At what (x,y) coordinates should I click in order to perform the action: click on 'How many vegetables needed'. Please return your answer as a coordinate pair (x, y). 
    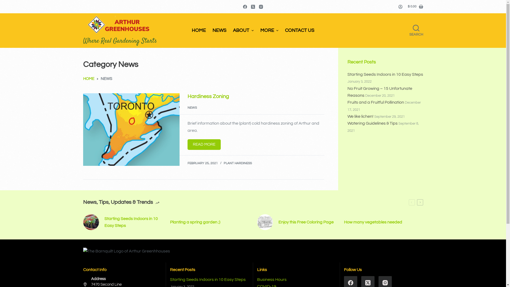
    Looking at the image, I should click on (384, 222).